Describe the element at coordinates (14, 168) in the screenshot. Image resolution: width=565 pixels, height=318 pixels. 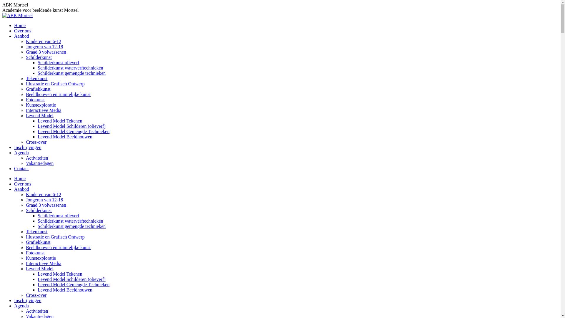
I see `'Contact'` at that location.